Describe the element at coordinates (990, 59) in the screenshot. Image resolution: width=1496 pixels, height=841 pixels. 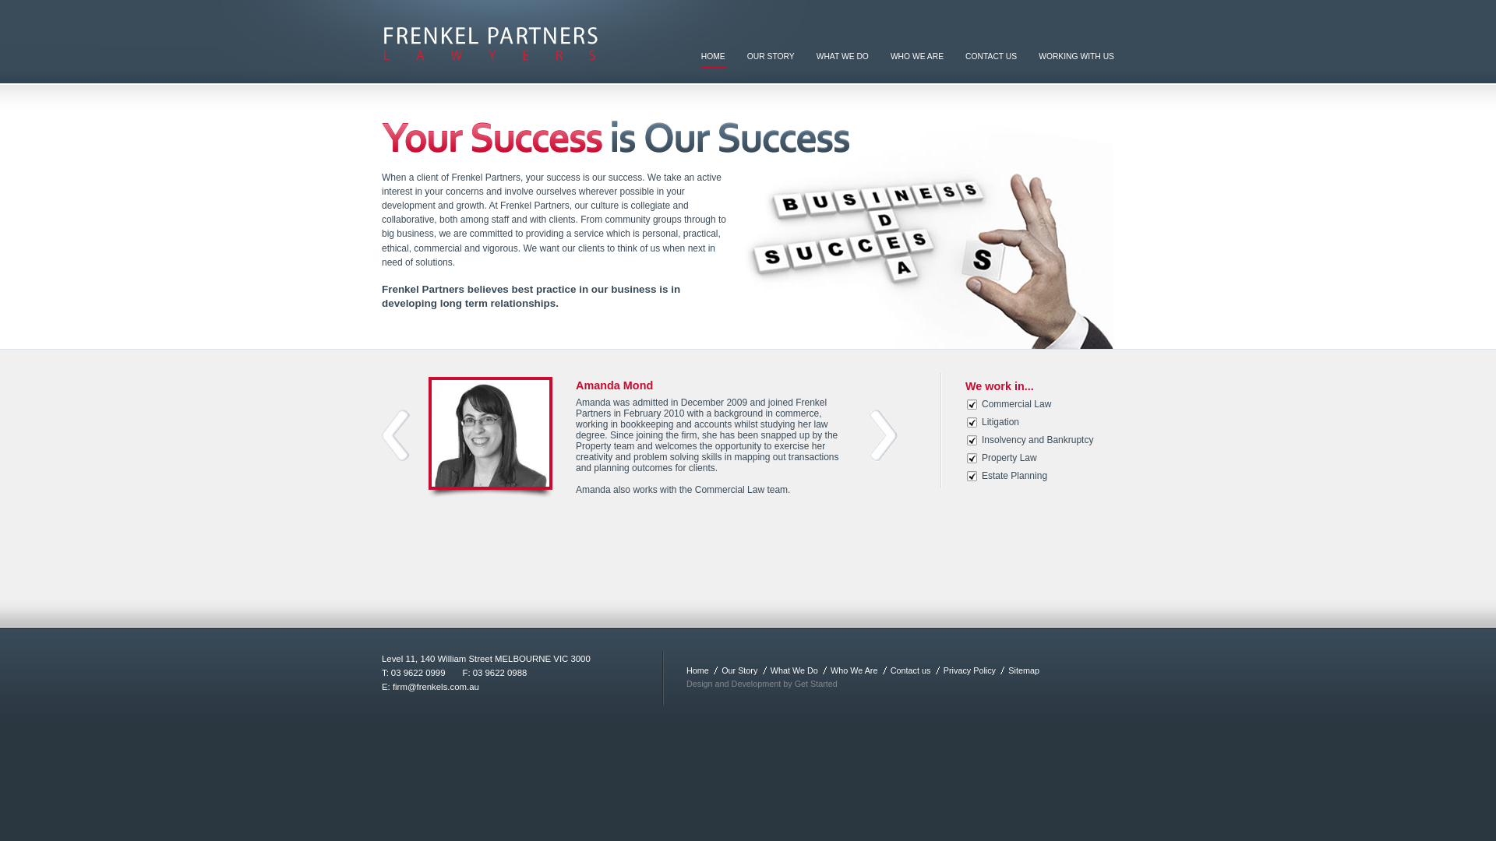
I see `'CONTACT US'` at that location.